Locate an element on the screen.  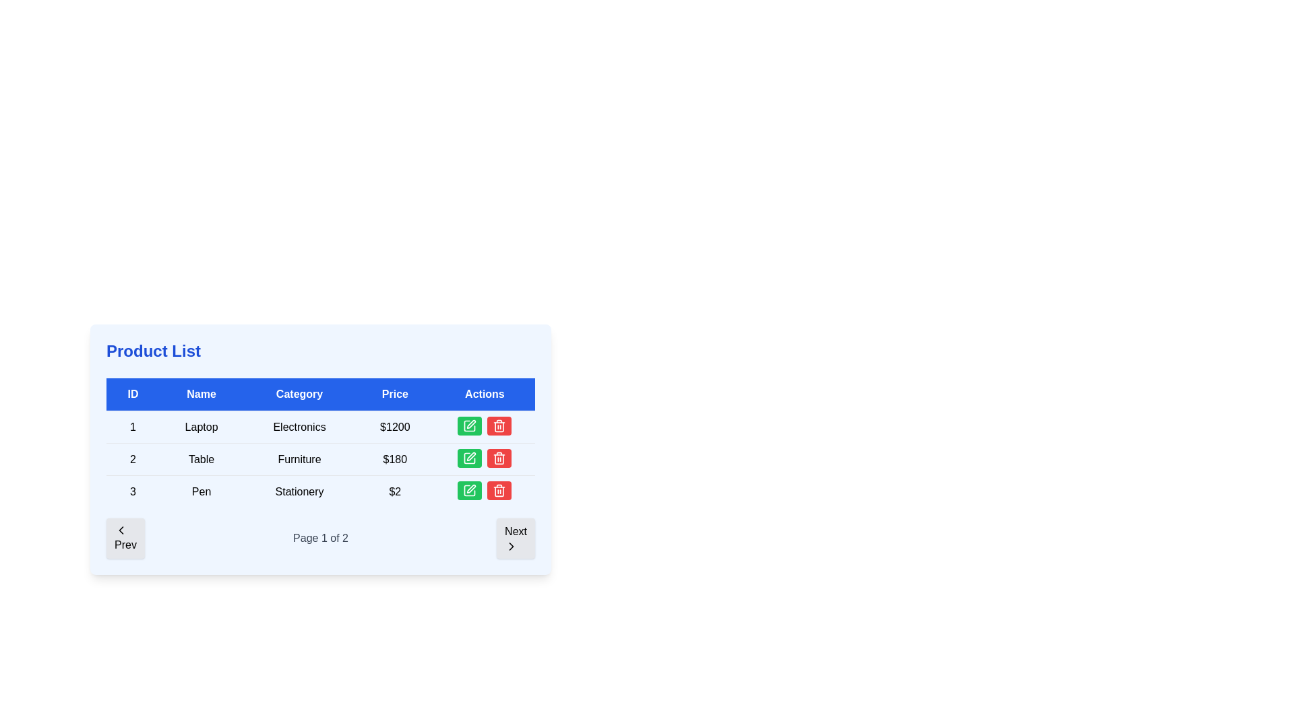
the edit icon button in the 'Actions' column of the last row for the 'Pen' record is located at coordinates (471, 489).